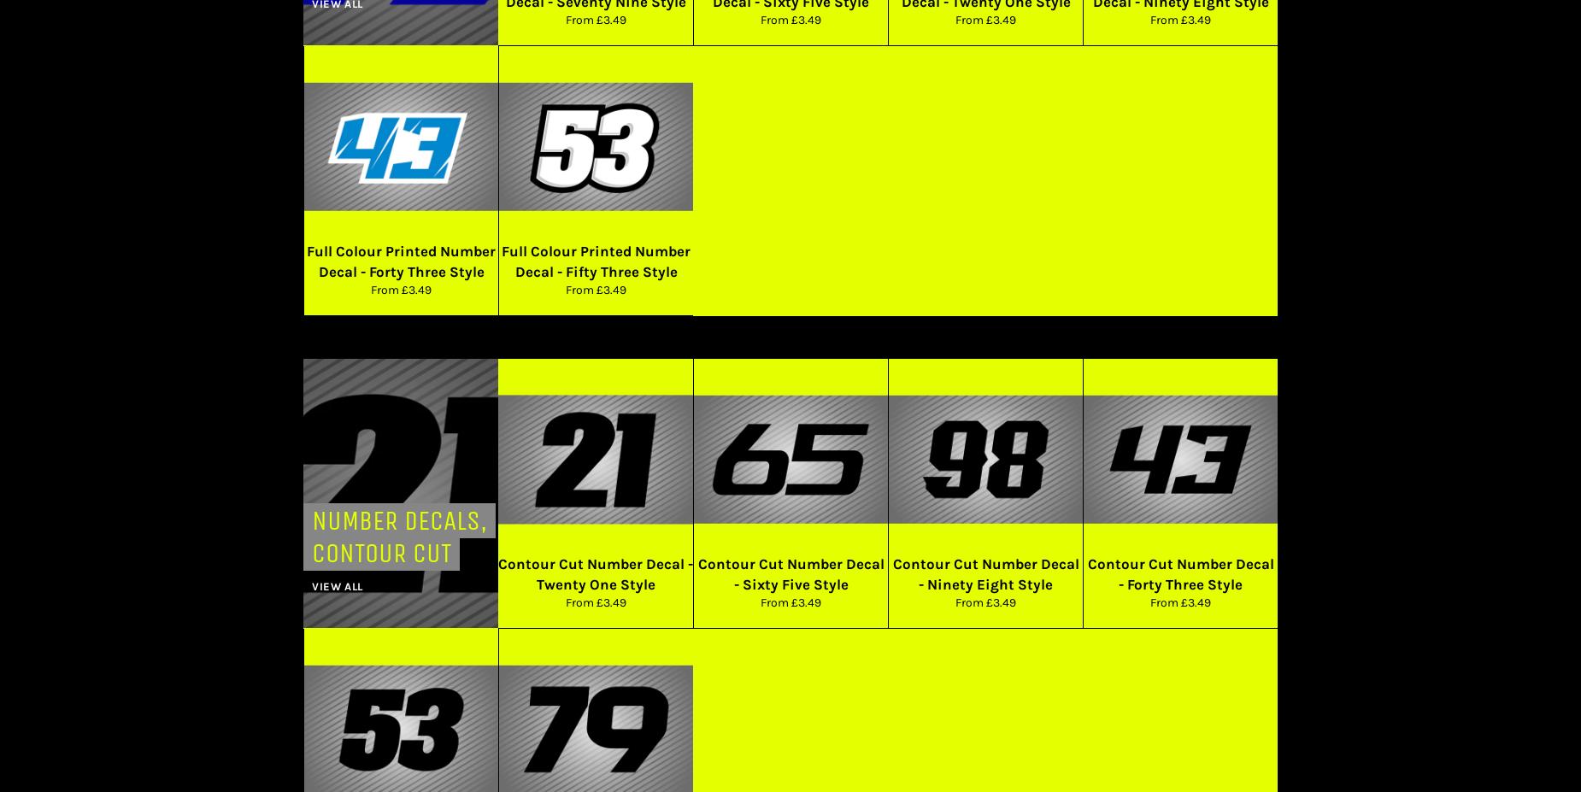 The height and width of the screenshot is (792, 1581). I want to click on 'Number Decals, Contour Cut', so click(399, 536).